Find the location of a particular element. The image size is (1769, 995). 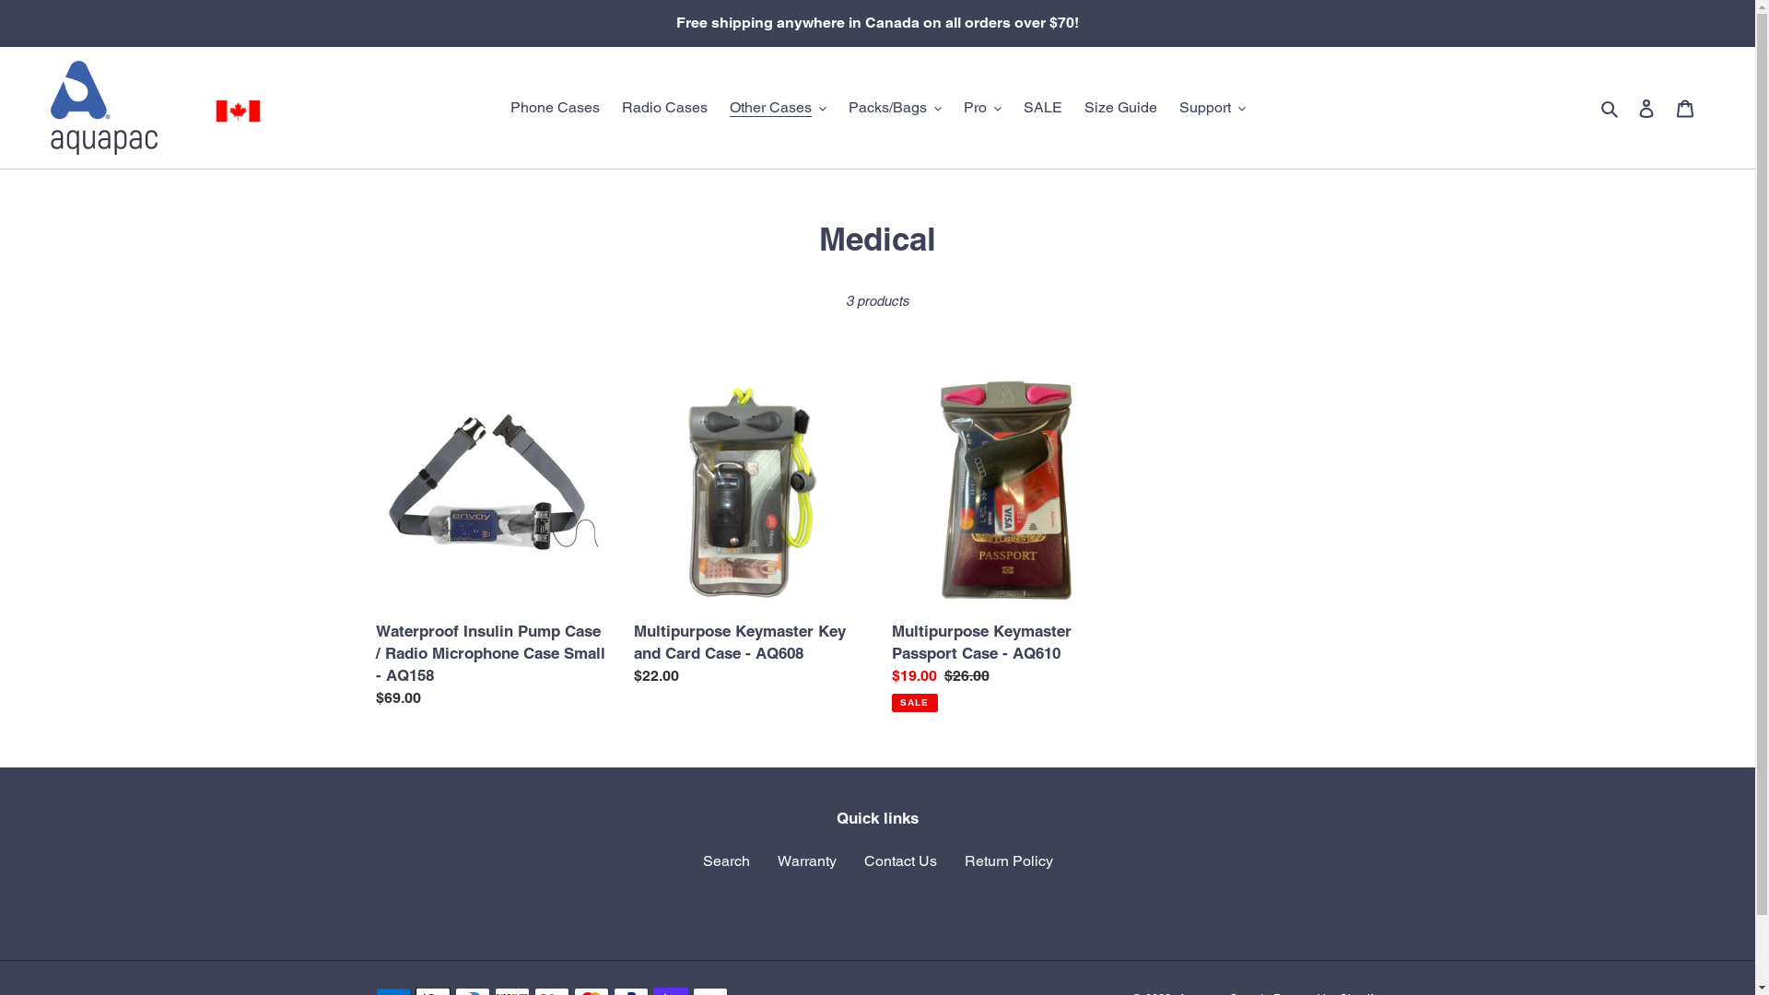

'Return Policy' is located at coordinates (1007, 860).